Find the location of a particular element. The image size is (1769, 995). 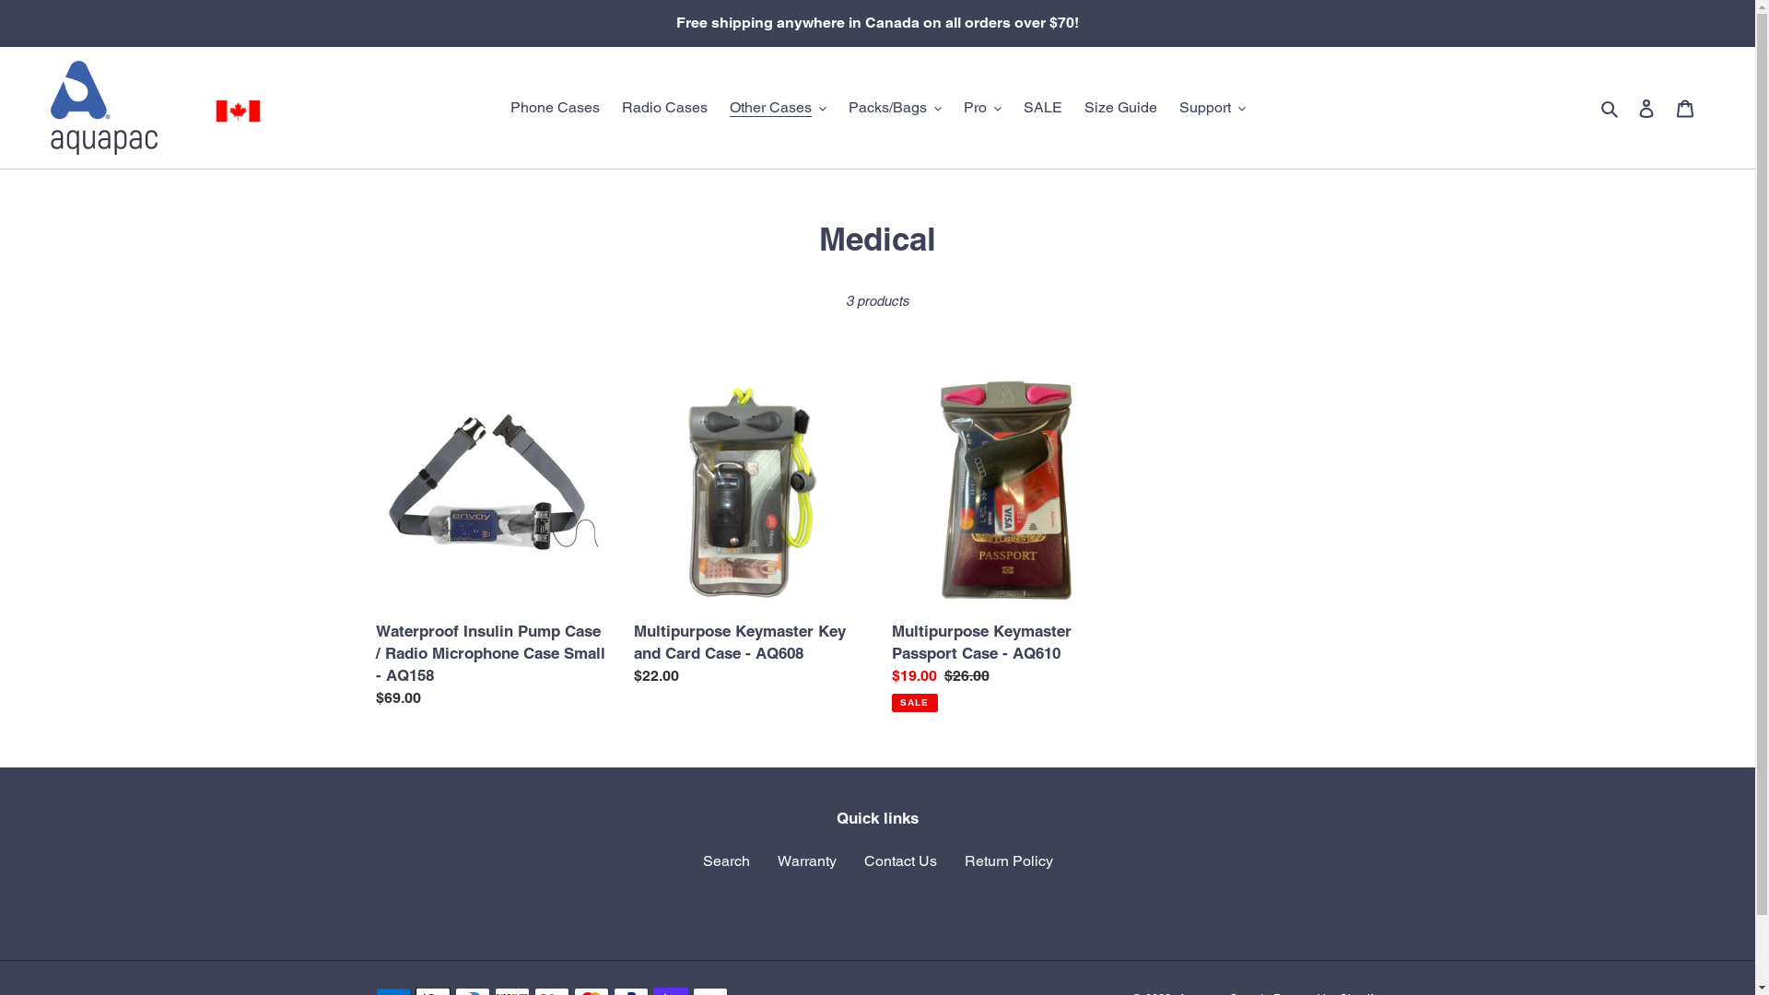

'Return Policy' is located at coordinates (1007, 860).